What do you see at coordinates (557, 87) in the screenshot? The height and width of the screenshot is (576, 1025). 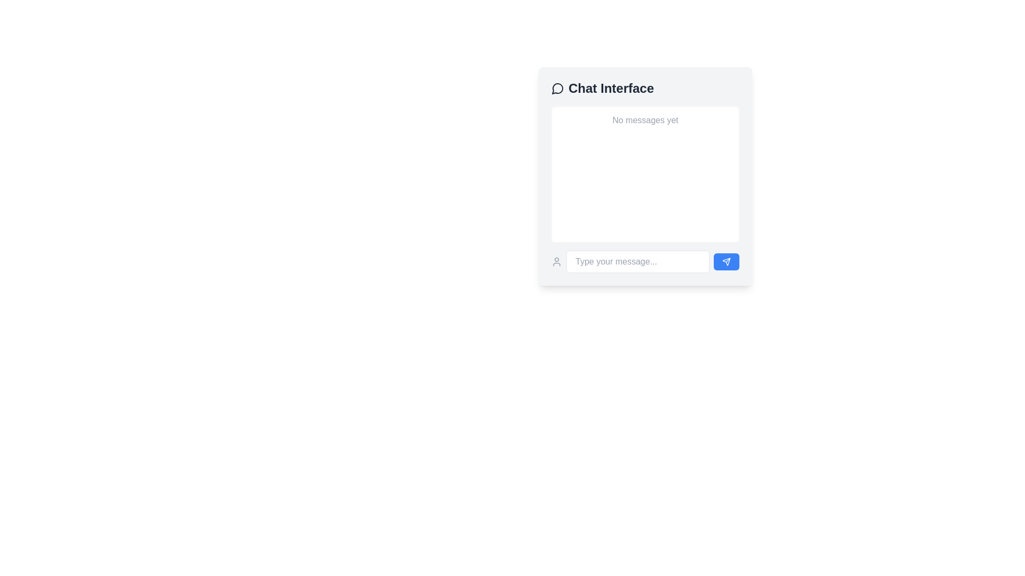 I see `the small circular chat icon that resembles a speech bubble, located in the 'Chat Interface' section to the left of the text` at bounding box center [557, 87].